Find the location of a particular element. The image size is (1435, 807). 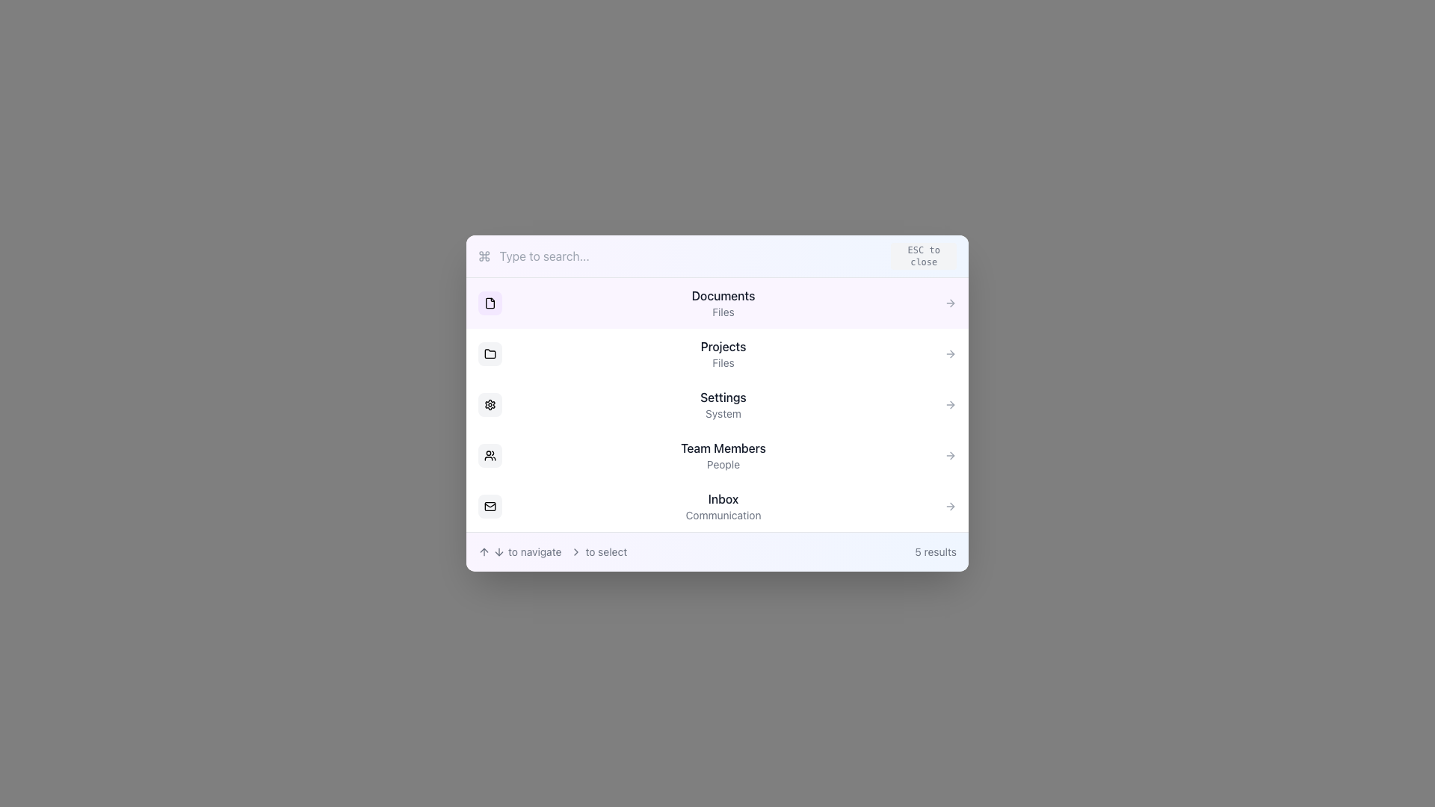

the first navigational item with a purple background that contains a document icon, 'Documents' and 'Files' labels, and a right-pointing arrow is located at coordinates (717, 303).